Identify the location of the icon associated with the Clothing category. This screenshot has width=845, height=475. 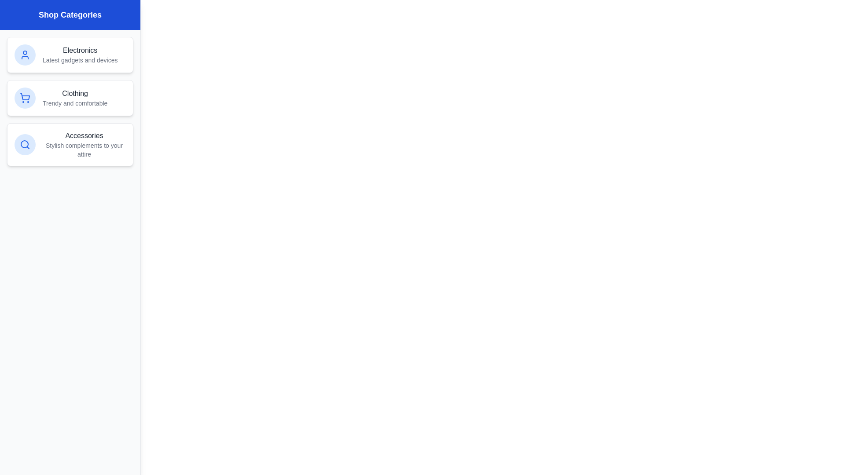
(25, 98).